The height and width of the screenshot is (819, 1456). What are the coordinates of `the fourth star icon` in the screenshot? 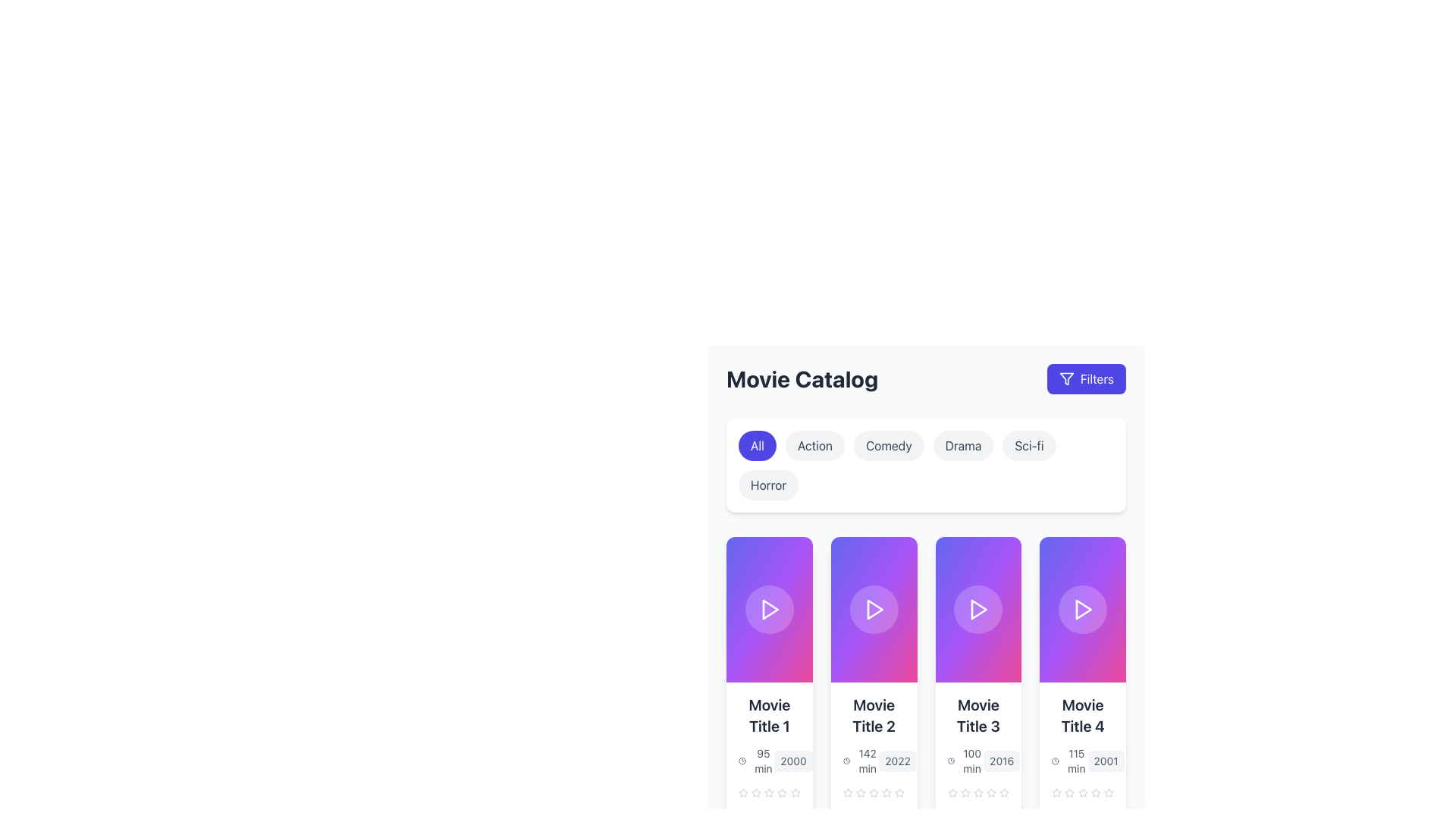 It's located at (886, 792).